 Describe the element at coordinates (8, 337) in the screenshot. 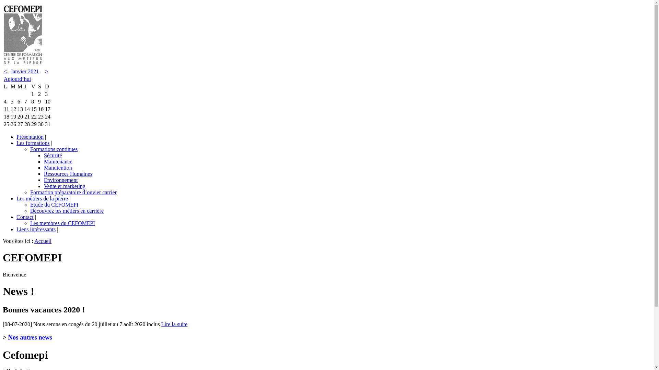

I see `'Nos autres news'` at that location.